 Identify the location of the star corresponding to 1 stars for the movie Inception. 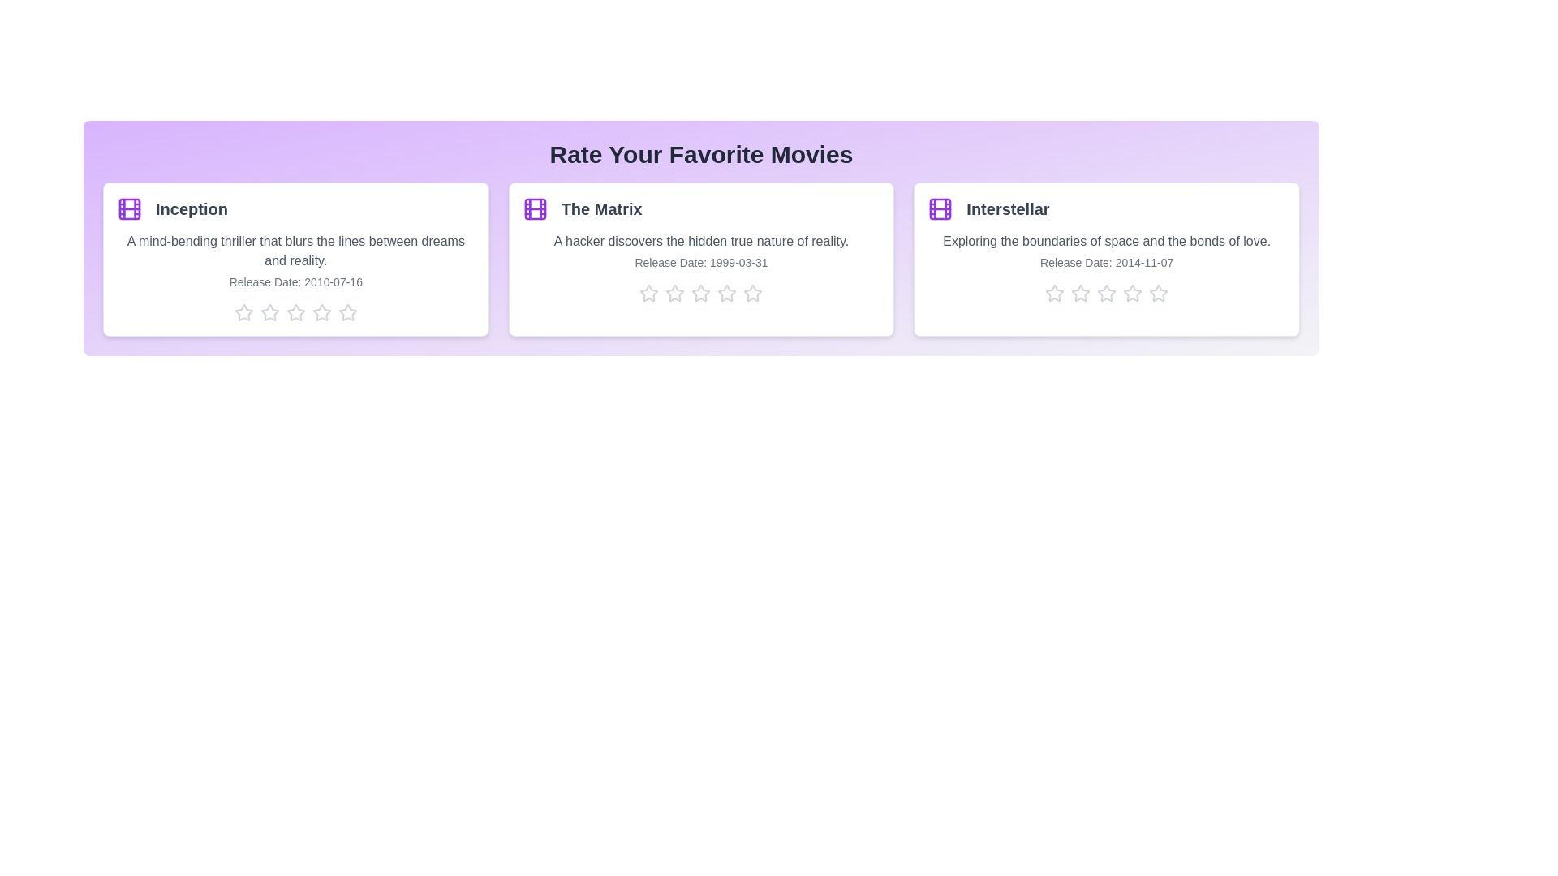
(243, 312).